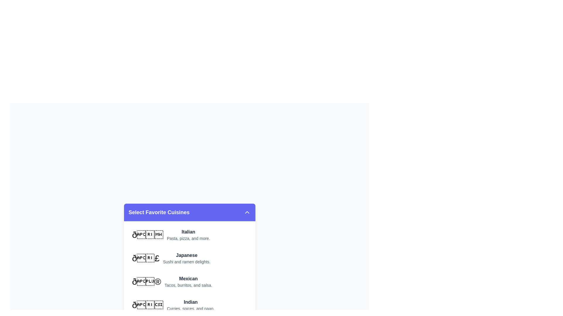 The image size is (563, 316). What do you see at coordinates (247, 212) in the screenshot?
I see `the small upward-pointing chevron icon on the far right side of the purple bar titled 'Select Favorite Cuisines'` at bounding box center [247, 212].